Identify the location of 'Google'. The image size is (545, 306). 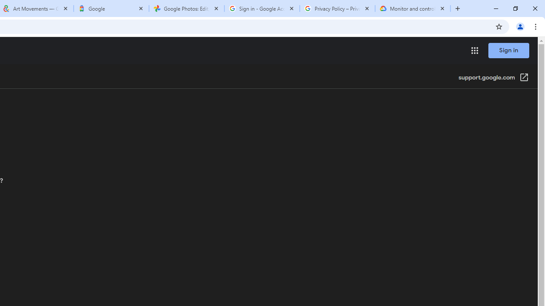
(111, 8).